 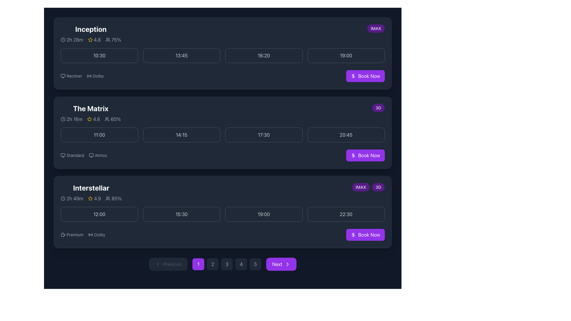 What do you see at coordinates (281, 264) in the screenshot?
I see `the 'Next' button in the pagination control at the bottom of the interface` at bounding box center [281, 264].